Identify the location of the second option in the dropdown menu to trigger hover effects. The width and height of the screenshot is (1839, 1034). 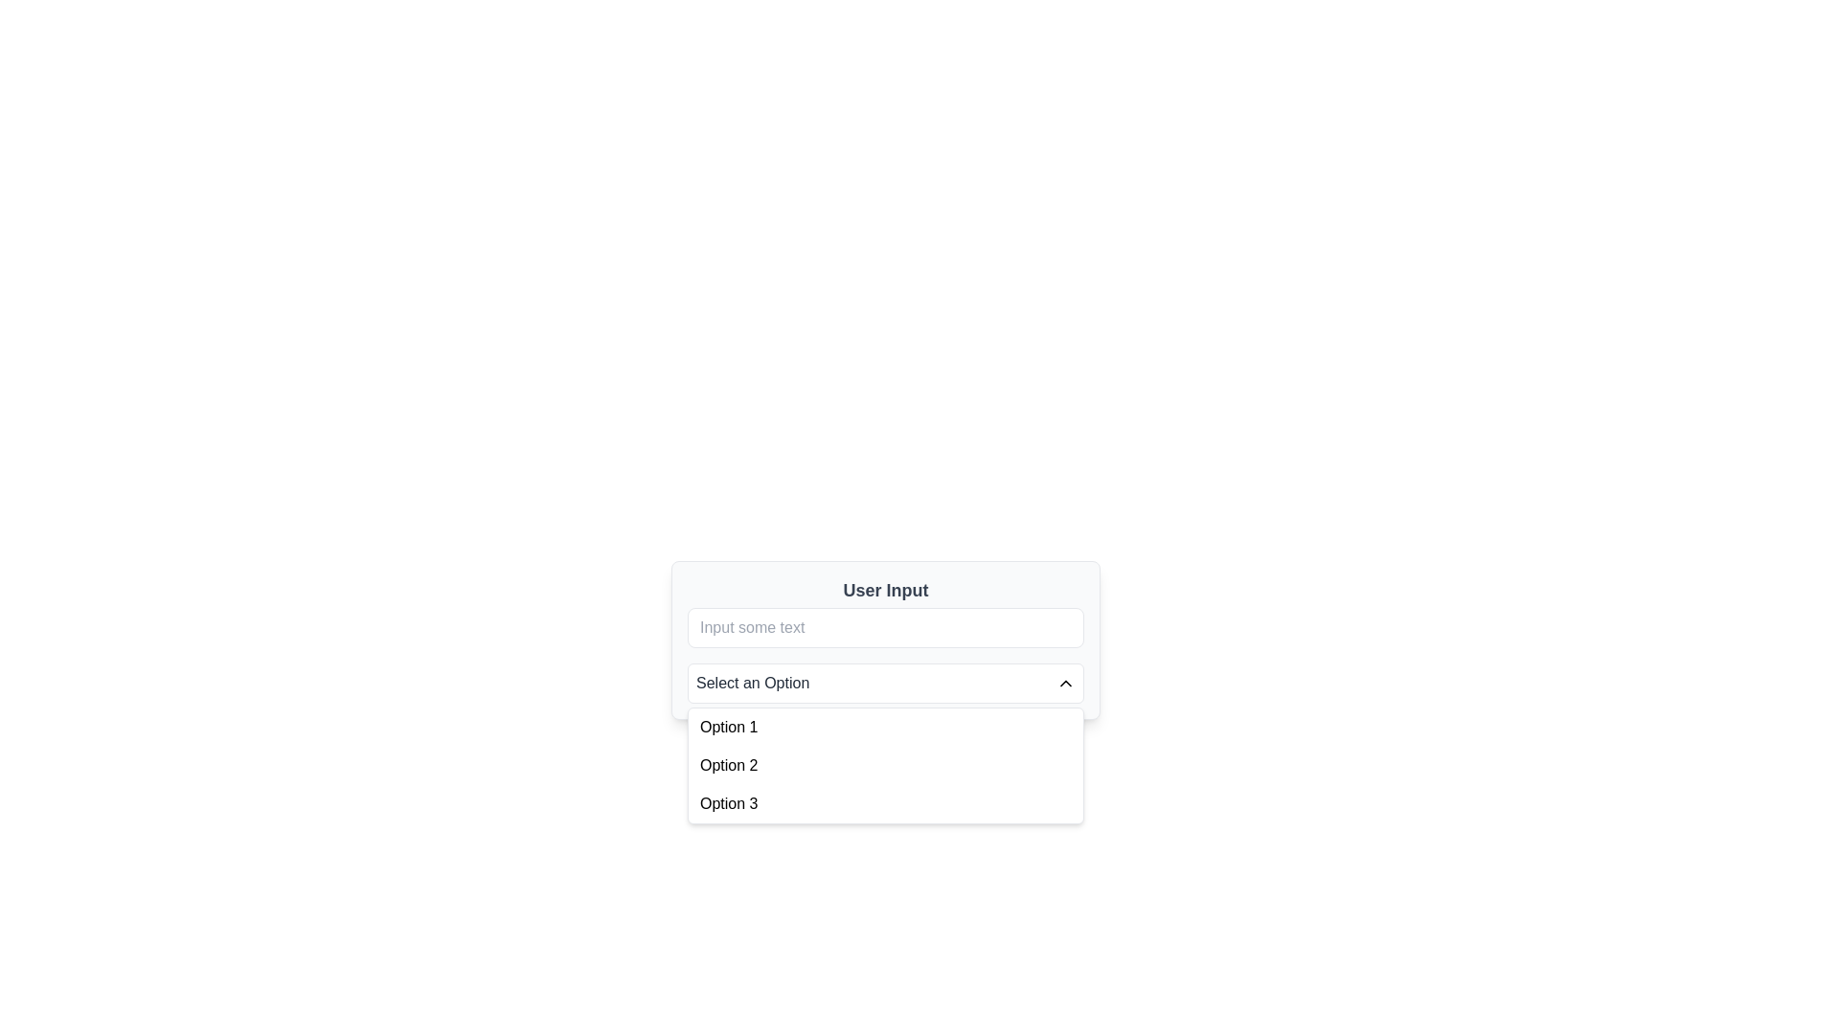
(885, 764).